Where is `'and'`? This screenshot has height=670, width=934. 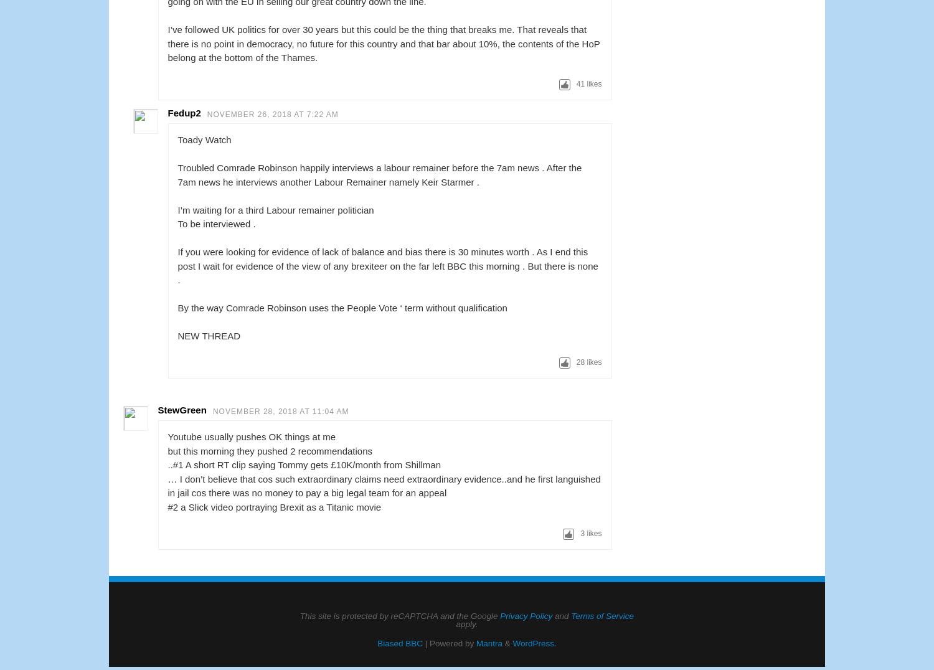
'and' is located at coordinates (561, 615).